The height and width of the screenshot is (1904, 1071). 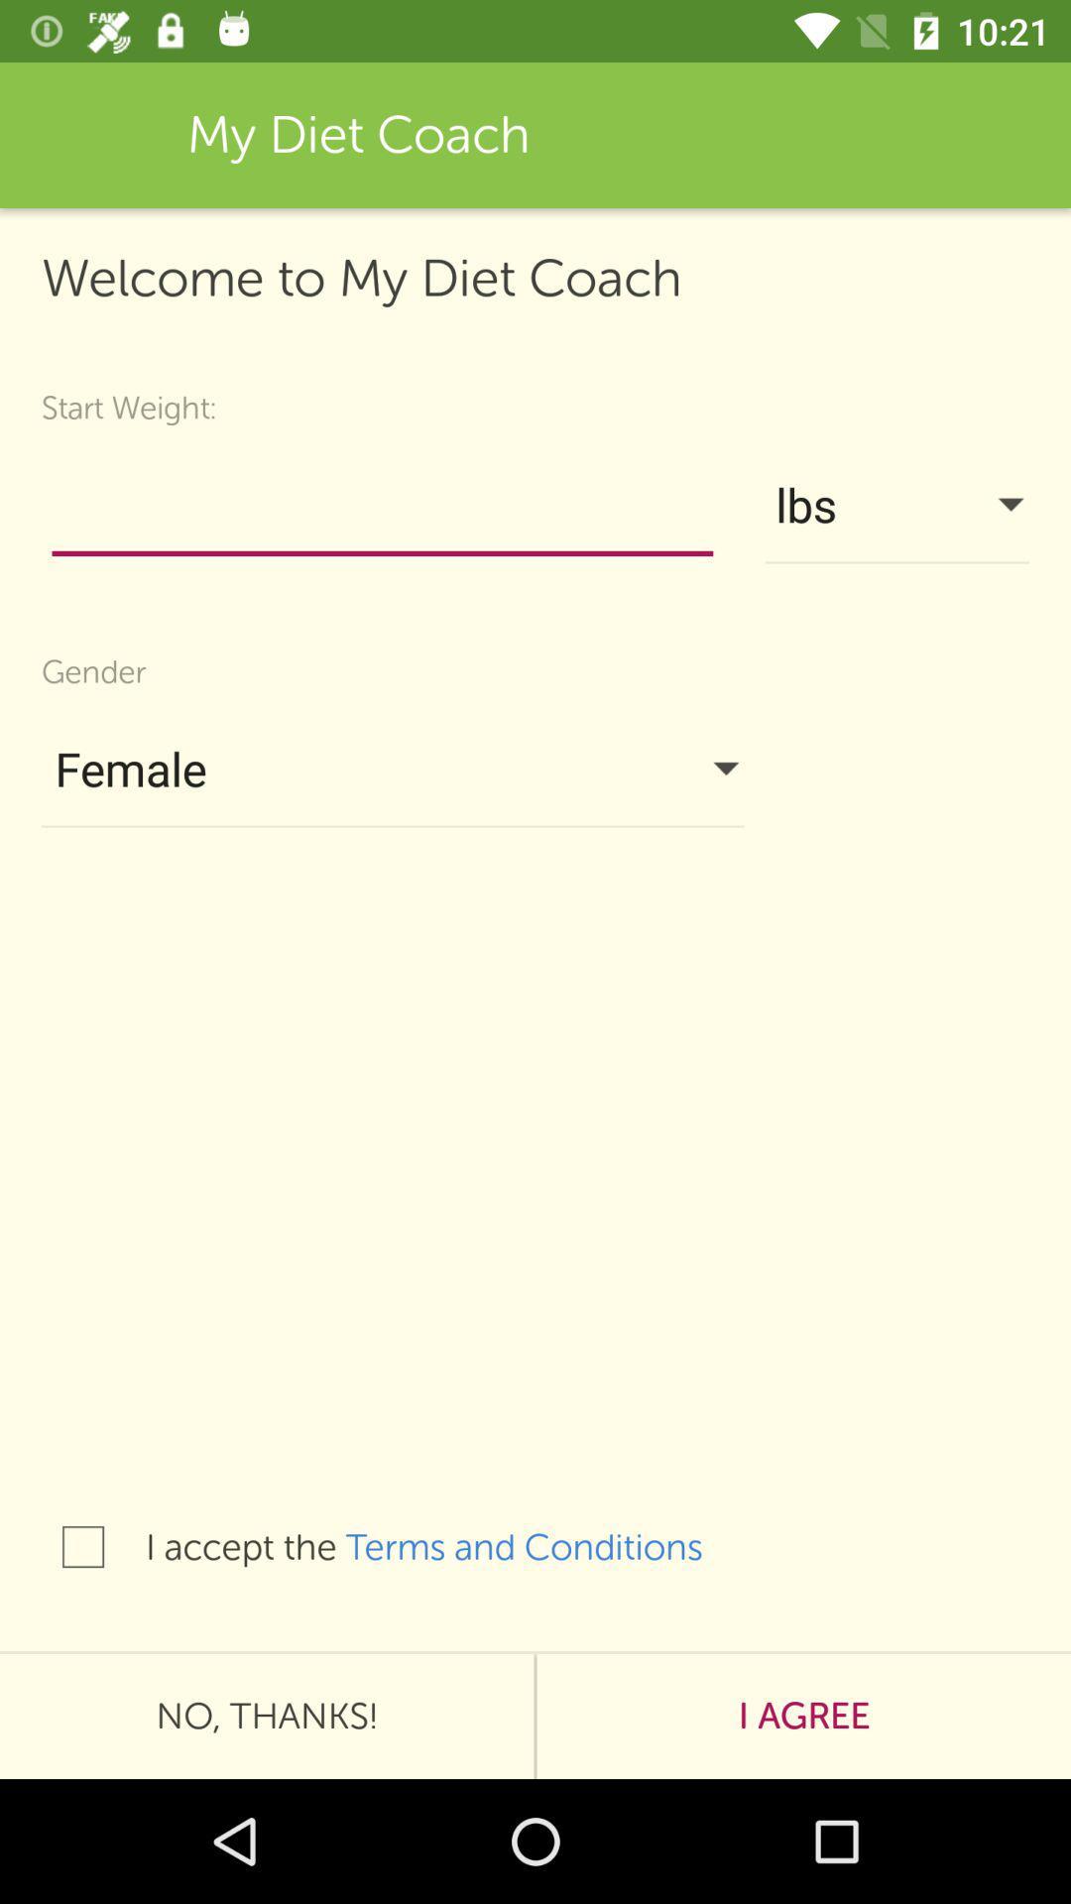 I want to click on item next to the i accept the, so click(x=544, y=1546).